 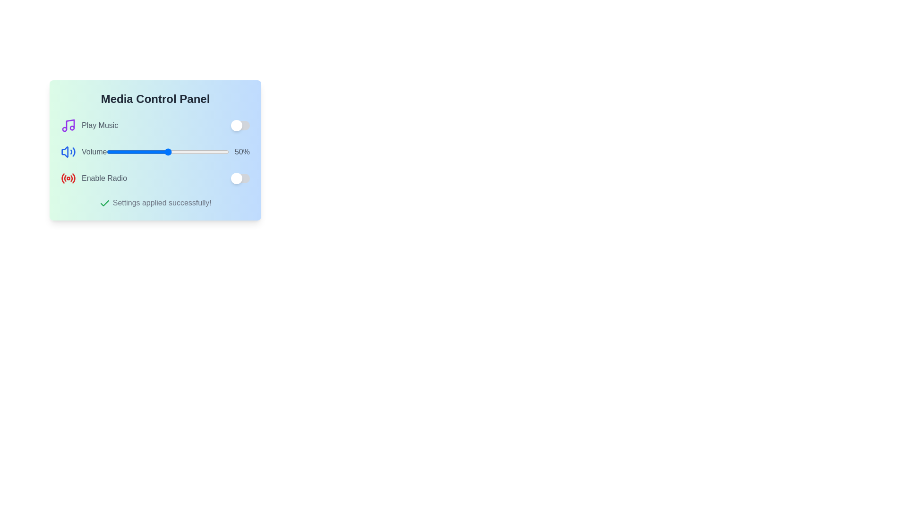 What do you see at coordinates (189, 151) in the screenshot?
I see `the slider` at bounding box center [189, 151].